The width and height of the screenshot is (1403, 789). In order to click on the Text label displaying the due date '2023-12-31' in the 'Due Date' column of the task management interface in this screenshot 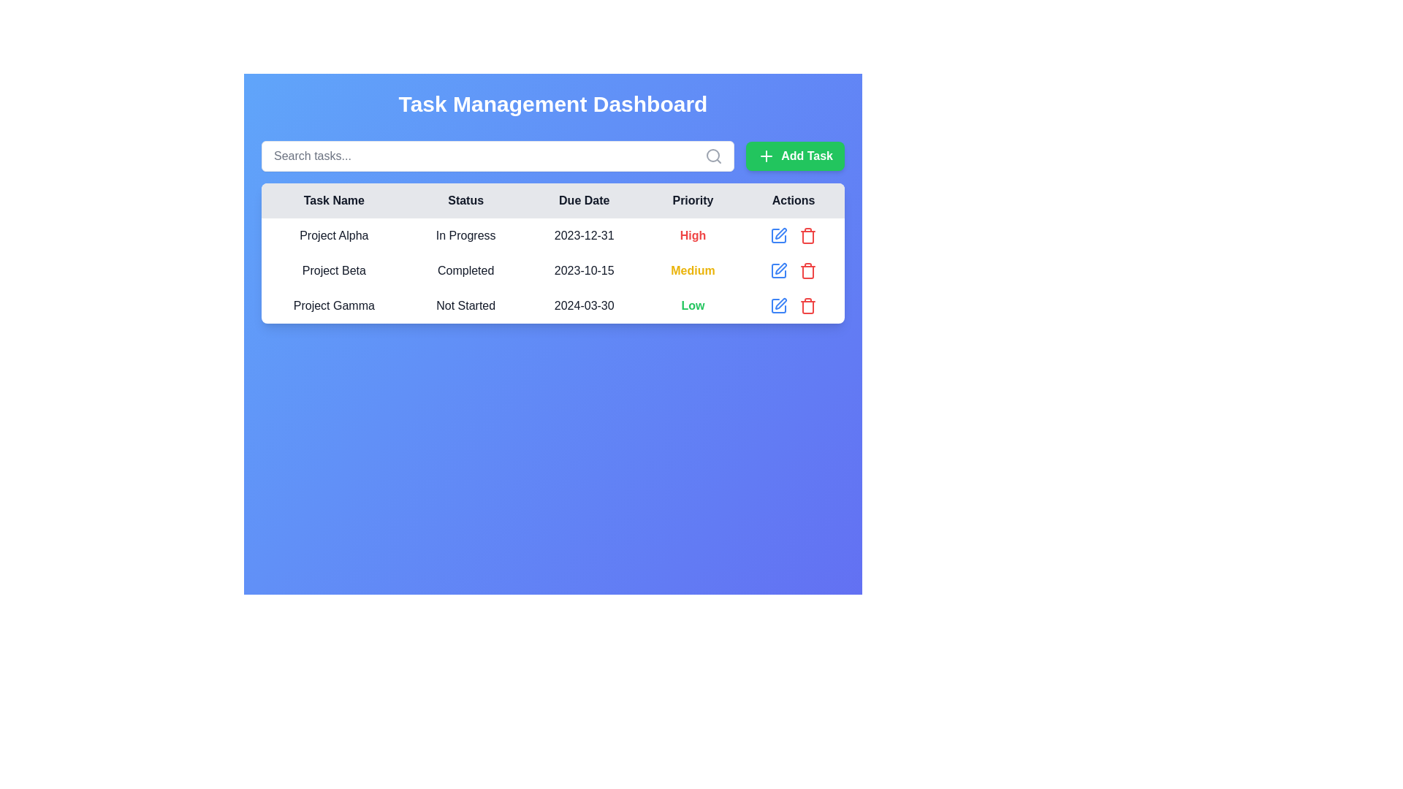, I will do `click(583, 235)`.